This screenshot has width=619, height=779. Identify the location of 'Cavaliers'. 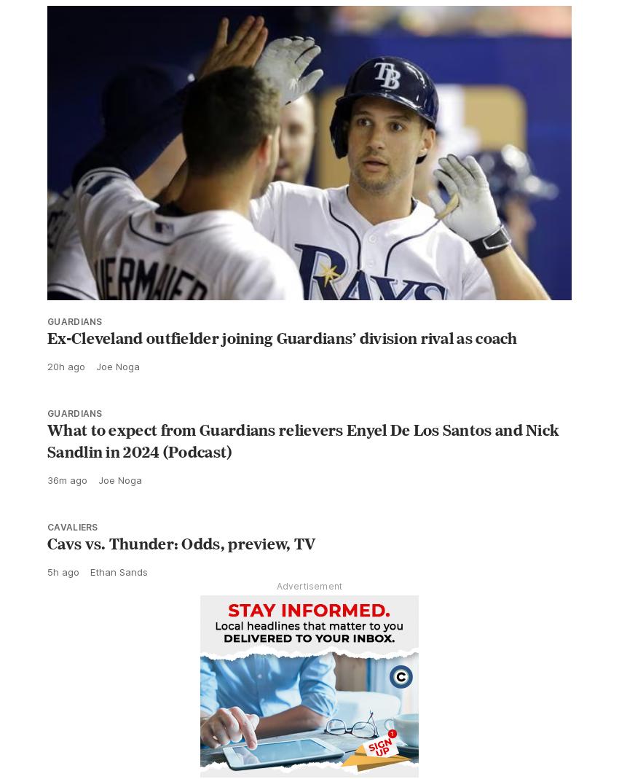
(71, 559).